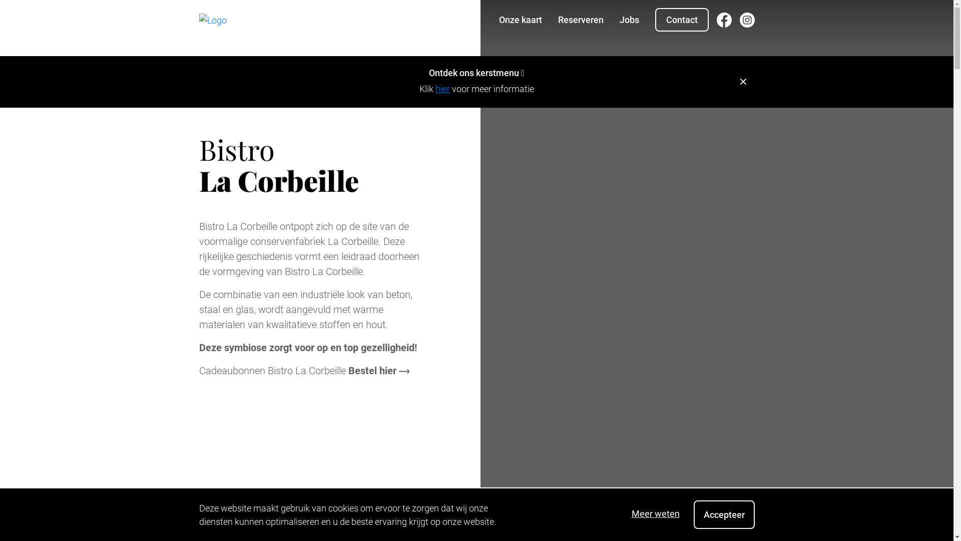 This screenshot has height=541, width=961. Describe the element at coordinates (348, 371) in the screenshot. I see `'Bestel hier'` at that location.